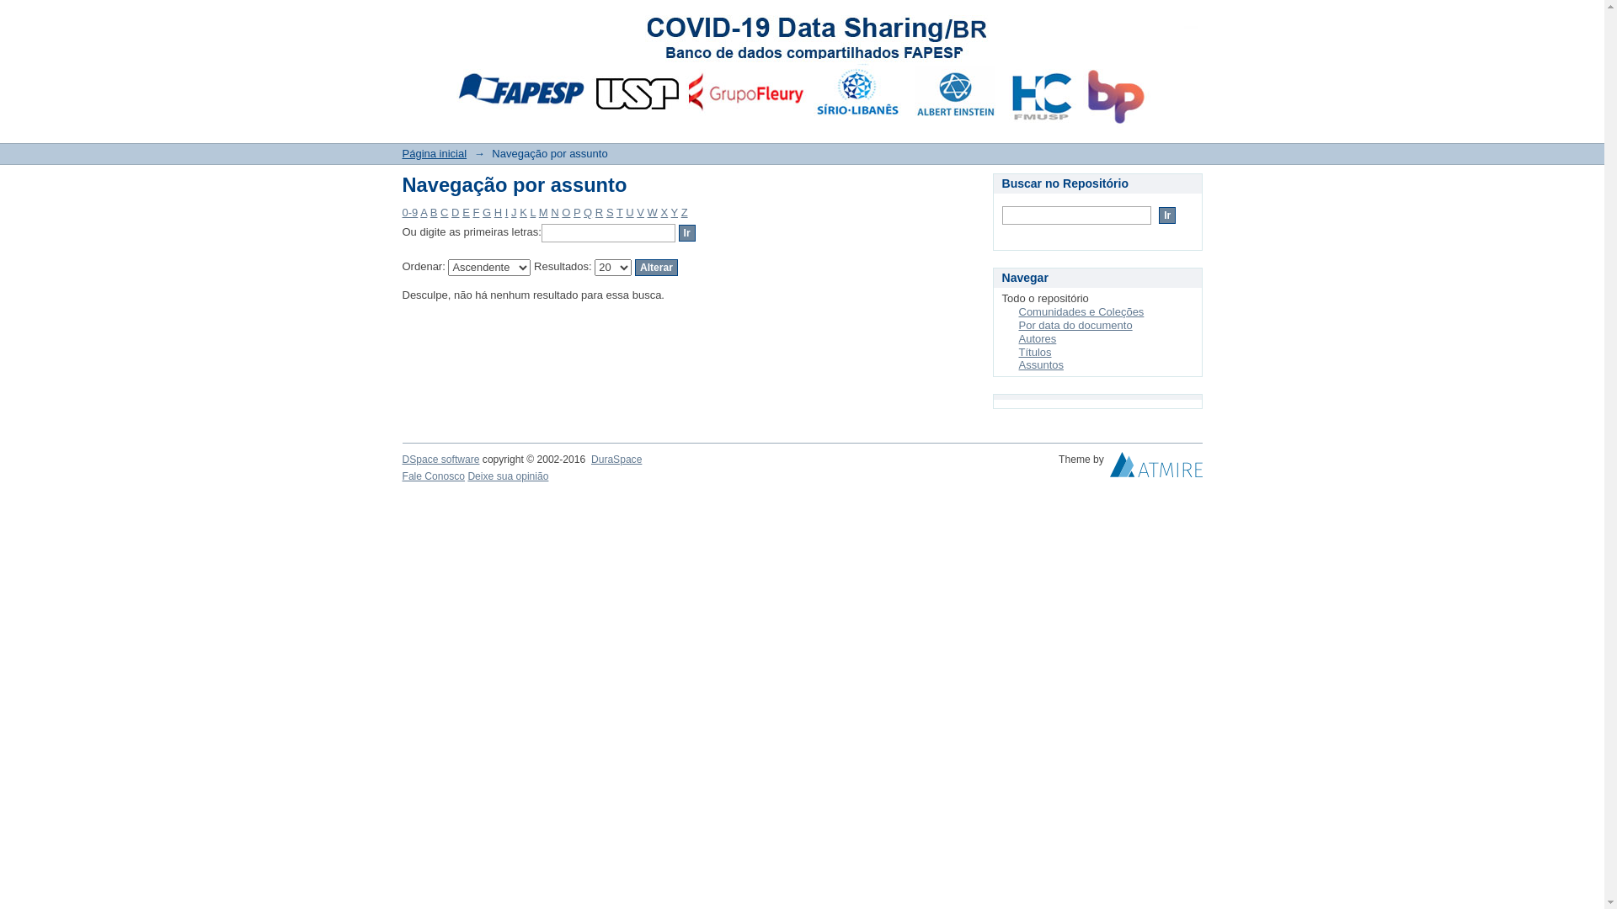  I want to click on 'O', so click(566, 211).